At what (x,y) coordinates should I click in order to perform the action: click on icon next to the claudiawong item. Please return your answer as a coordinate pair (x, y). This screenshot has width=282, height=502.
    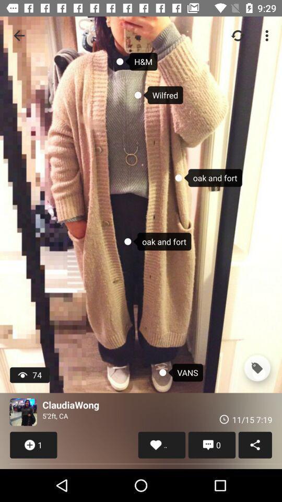
    Looking at the image, I should click on (23, 412).